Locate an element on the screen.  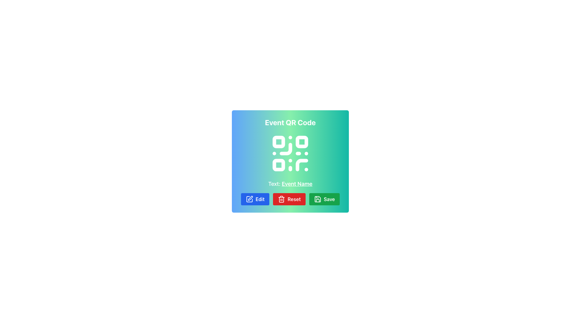
the leftmost button in the horizontal row of buttons below the QR code is located at coordinates (255, 199).